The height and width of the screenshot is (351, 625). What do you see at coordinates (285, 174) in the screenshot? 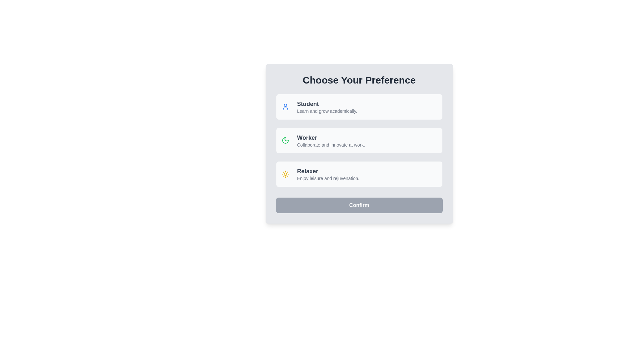
I see `the decorative icon for the 'Relaxer' option, which is positioned to the left of the text 'Relaxer' and enhances the interface with its sun-like design` at bounding box center [285, 174].